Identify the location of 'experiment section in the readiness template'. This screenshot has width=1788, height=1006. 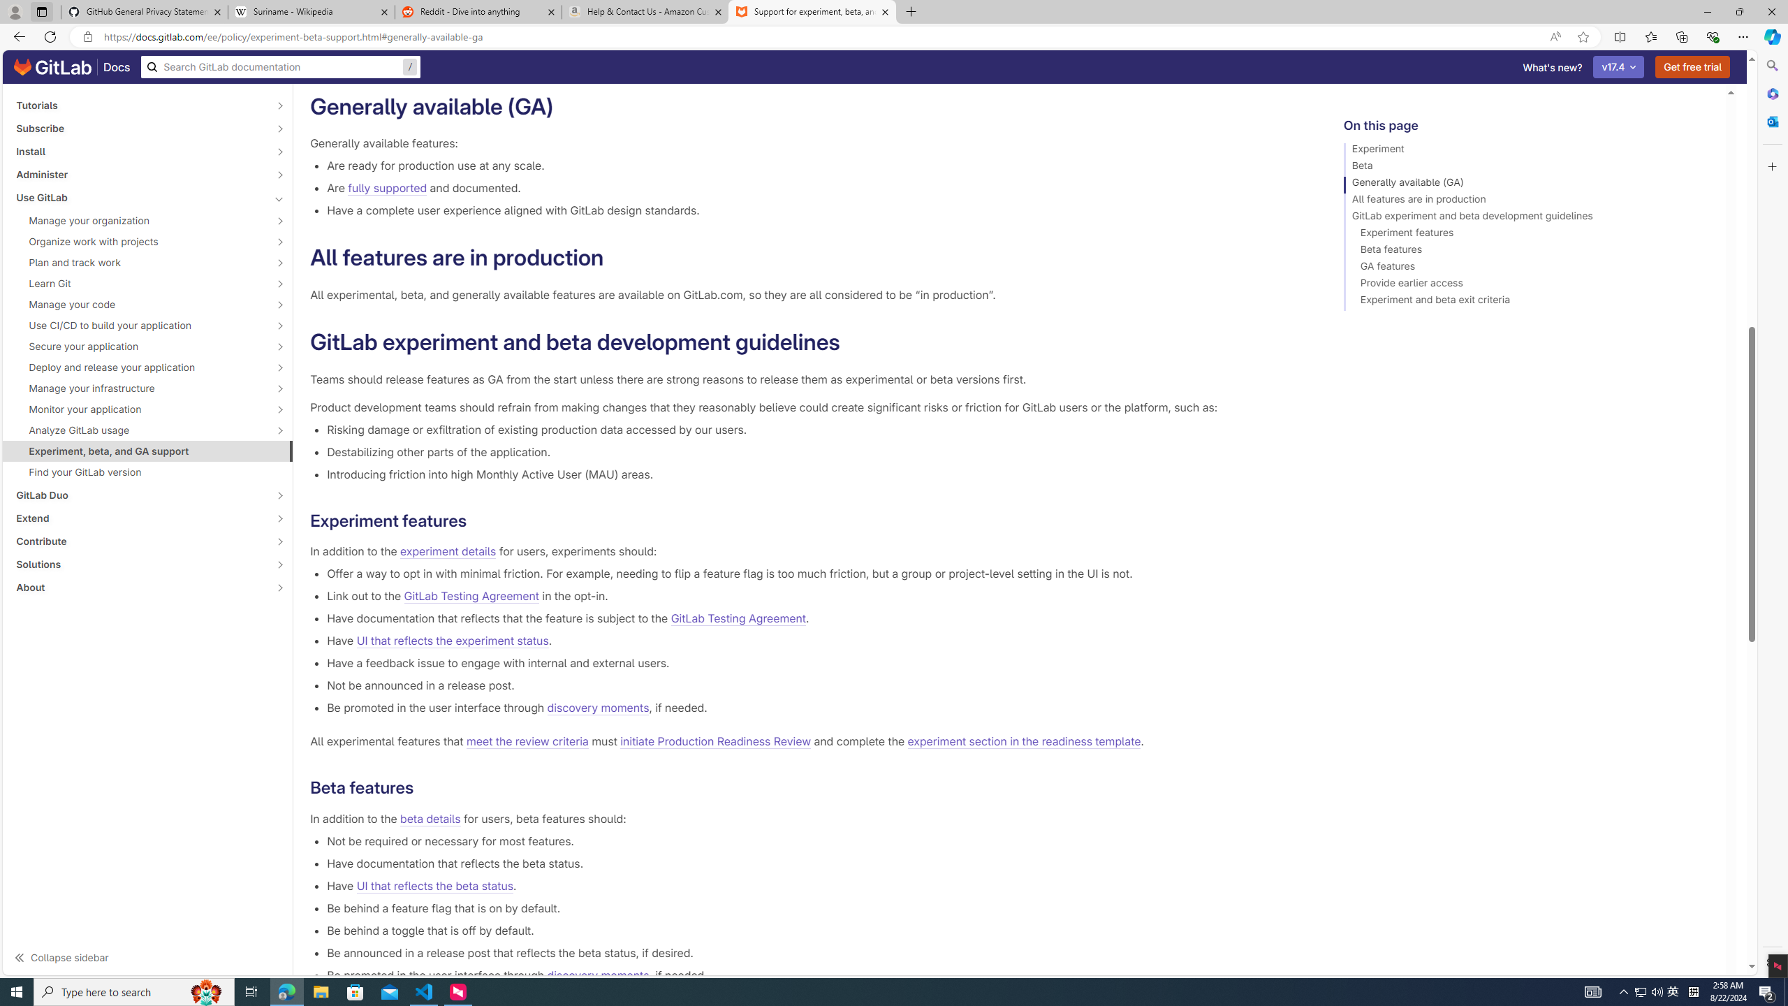
(1023, 741).